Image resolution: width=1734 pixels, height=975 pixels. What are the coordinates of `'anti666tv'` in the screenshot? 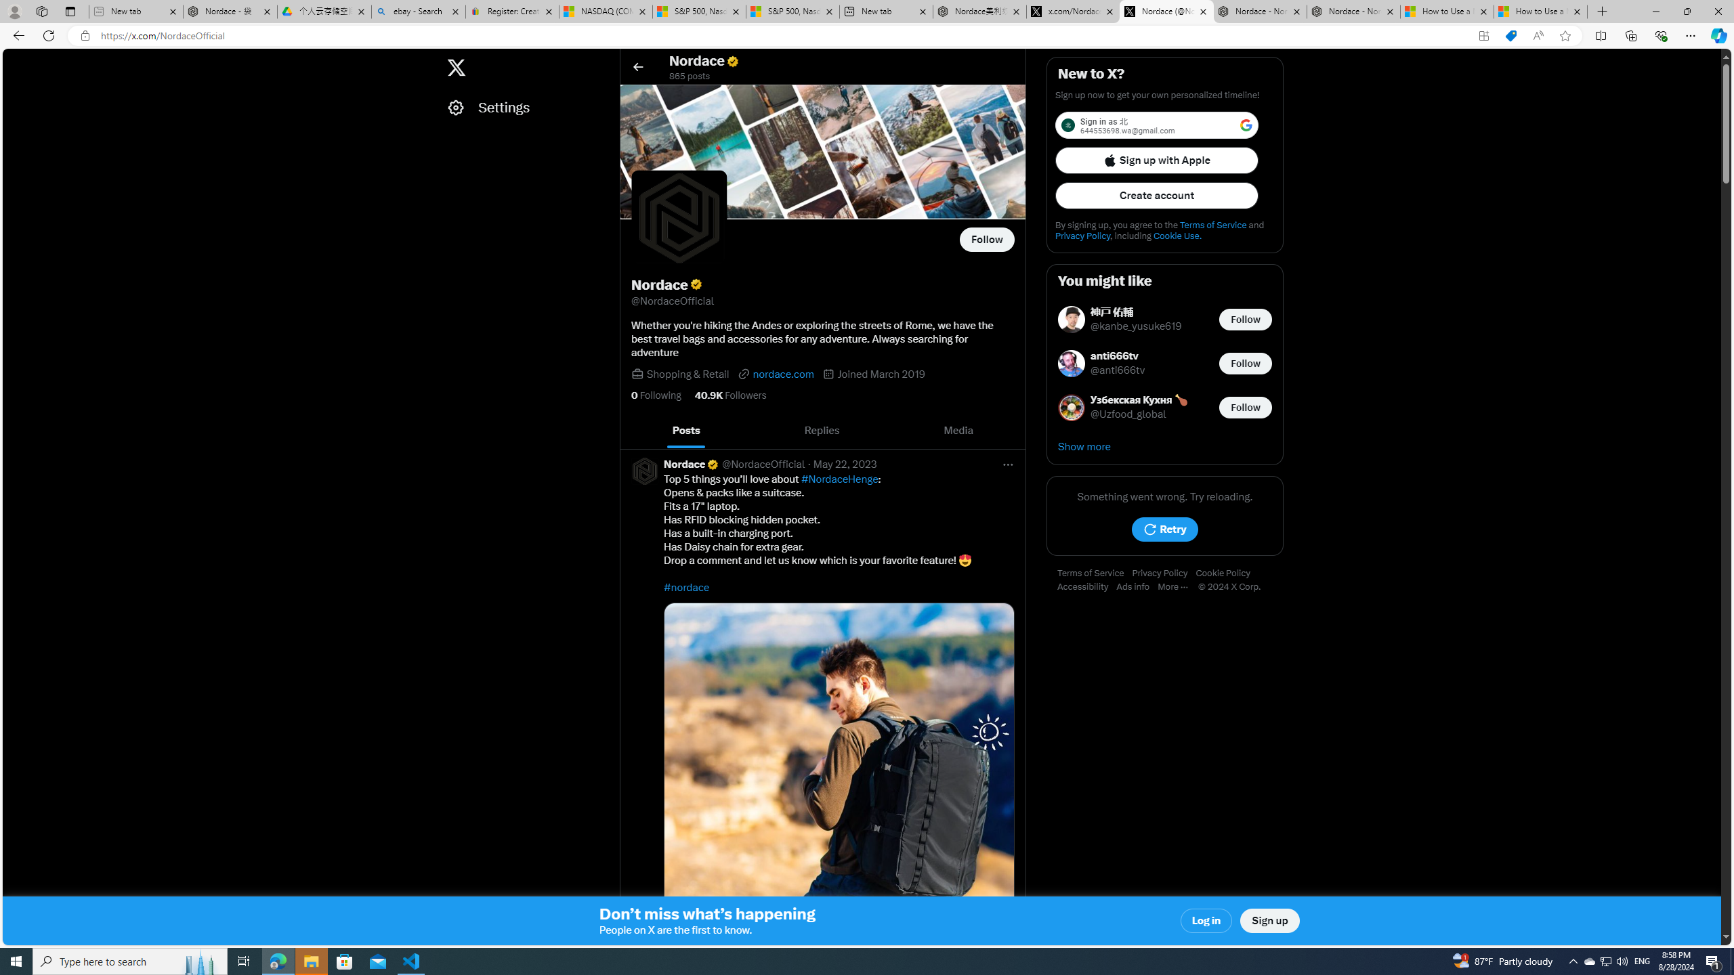 It's located at (1118, 356).